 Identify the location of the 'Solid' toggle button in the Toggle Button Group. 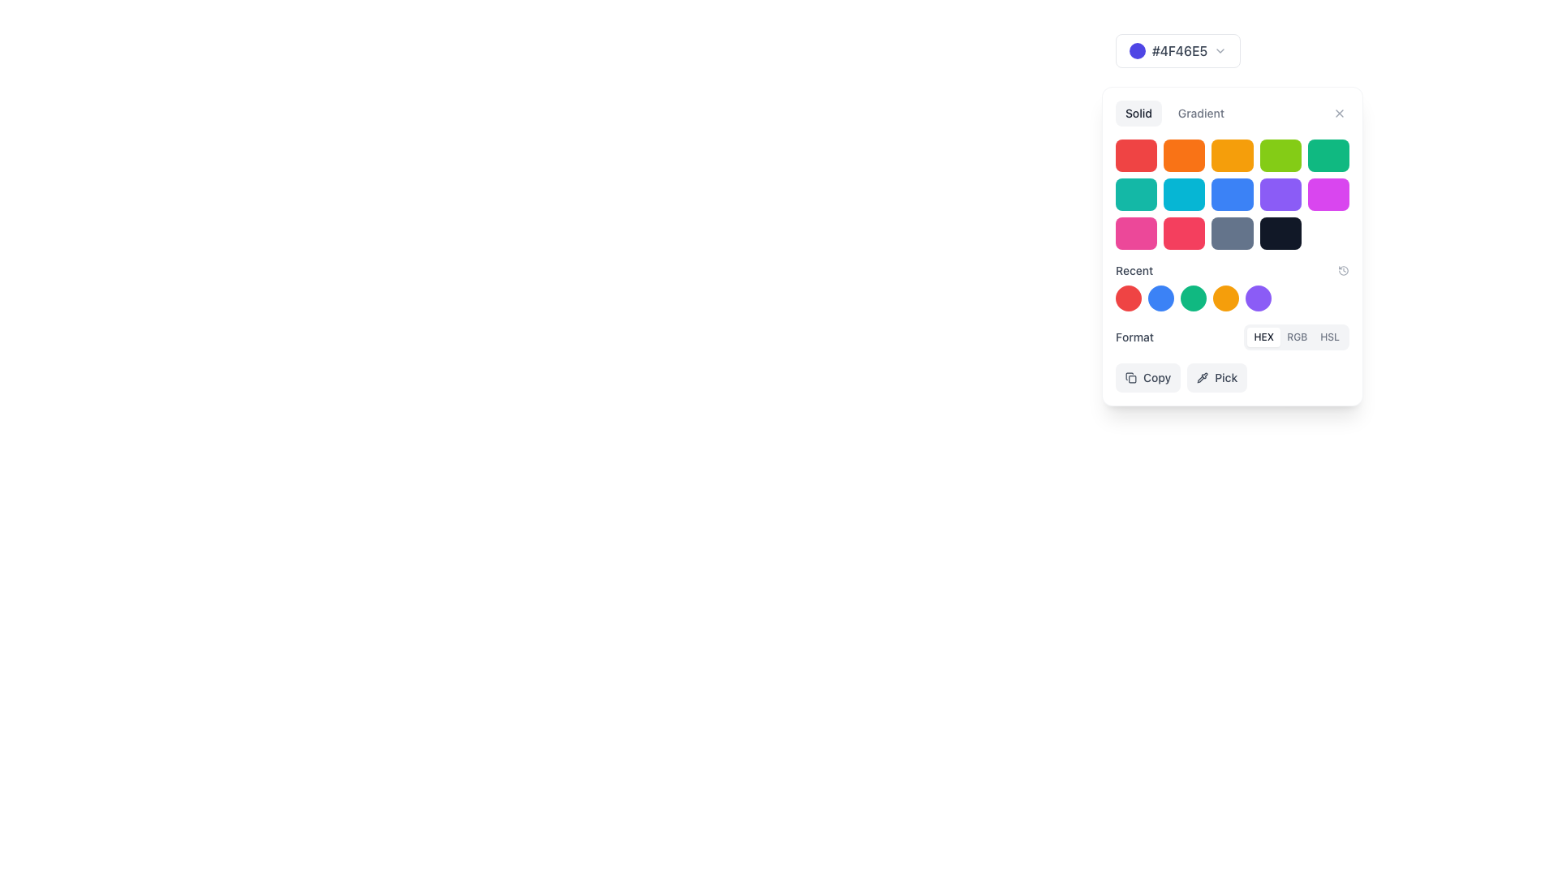
(1232, 112).